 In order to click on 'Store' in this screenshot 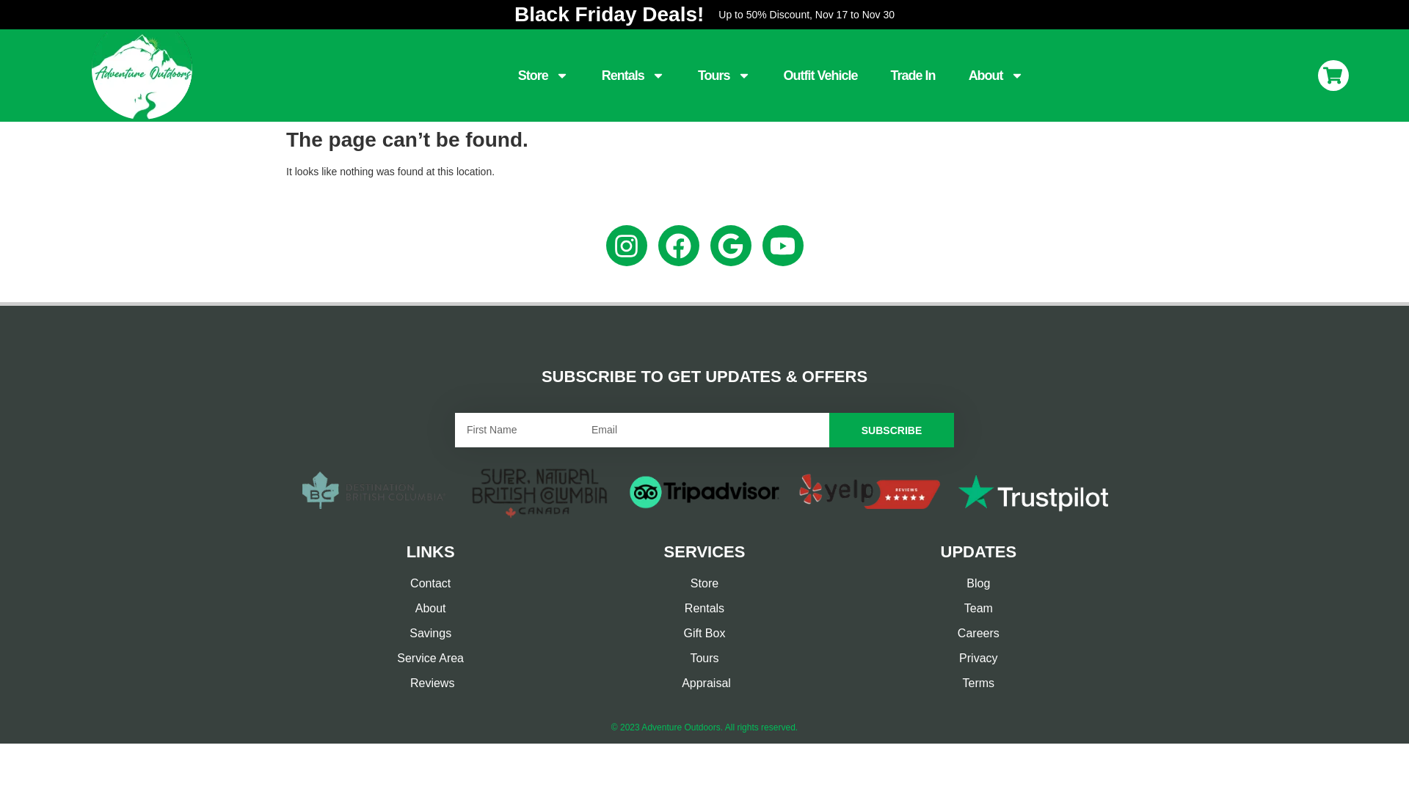, I will do `click(703, 582)`.